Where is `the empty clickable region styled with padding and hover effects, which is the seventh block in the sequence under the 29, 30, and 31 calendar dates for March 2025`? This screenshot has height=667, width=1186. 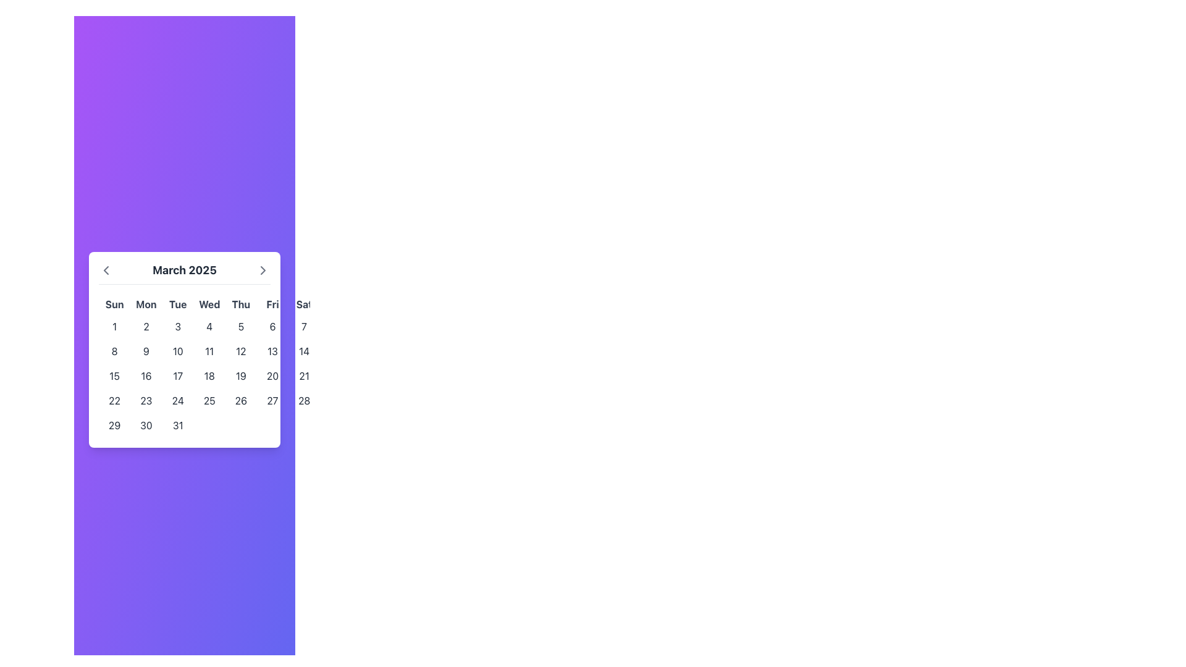
the empty clickable region styled with padding and hover effects, which is the seventh block in the sequence under the 29, 30, and 31 calendar dates for March 2025 is located at coordinates (304, 424).